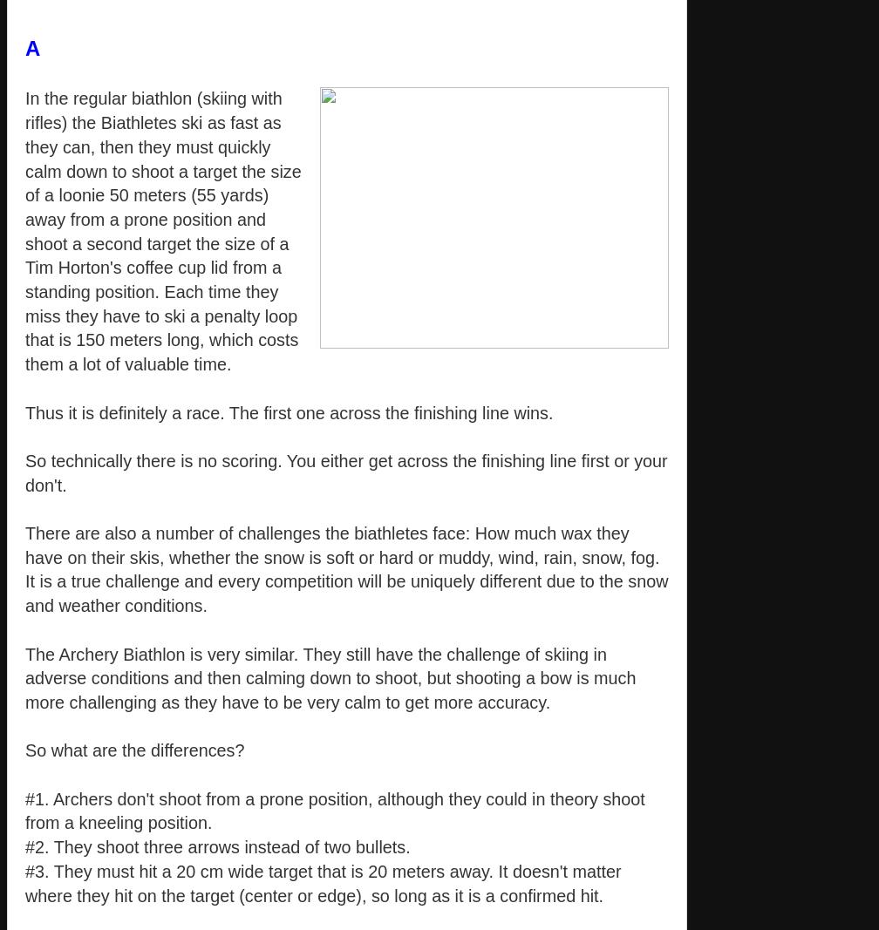  I want to click on 'A', so click(32, 47).